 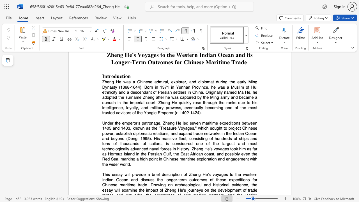 What do you see at coordinates (117, 164) in the screenshot?
I see `the subset text "r worl" within the text "the Red Sea, marking a high point in Chinese maritime exploration and engagement with the wider world."` at bounding box center [117, 164].